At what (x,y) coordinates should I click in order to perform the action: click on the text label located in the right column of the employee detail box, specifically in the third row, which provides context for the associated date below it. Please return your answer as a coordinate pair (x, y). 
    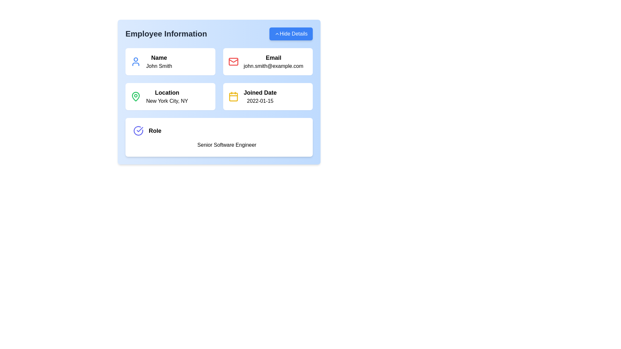
    Looking at the image, I should click on (260, 92).